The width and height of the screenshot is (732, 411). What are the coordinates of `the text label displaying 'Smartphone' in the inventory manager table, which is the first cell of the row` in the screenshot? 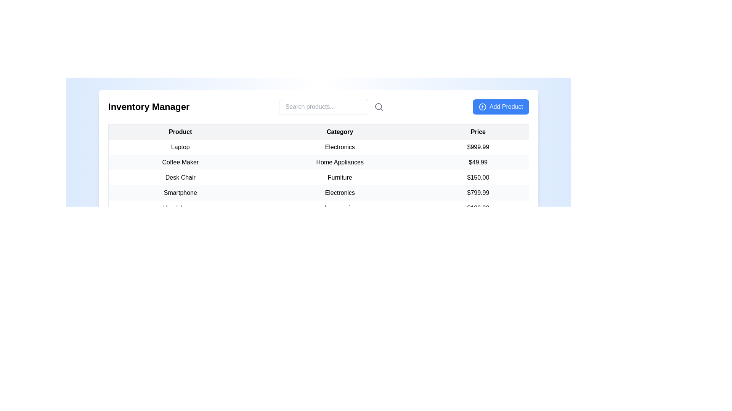 It's located at (180, 192).